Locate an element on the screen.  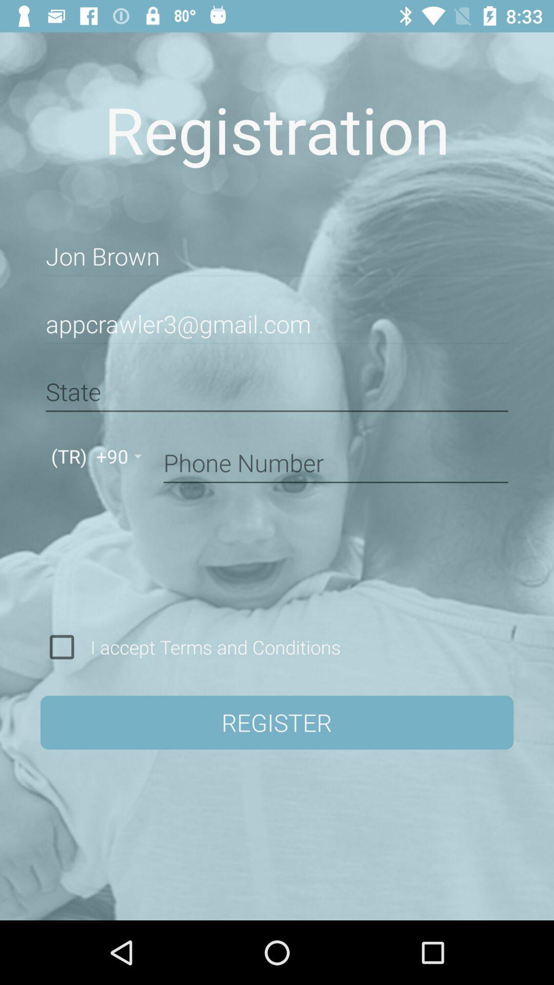
check to accept terms and conditions is located at coordinates (62, 646).